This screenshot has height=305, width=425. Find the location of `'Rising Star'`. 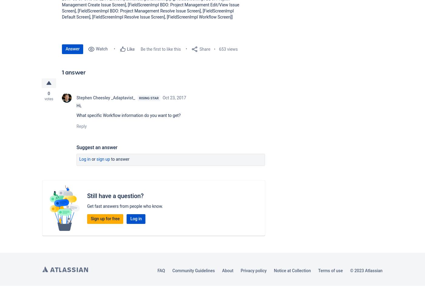

'Rising Star' is located at coordinates (138, 98).